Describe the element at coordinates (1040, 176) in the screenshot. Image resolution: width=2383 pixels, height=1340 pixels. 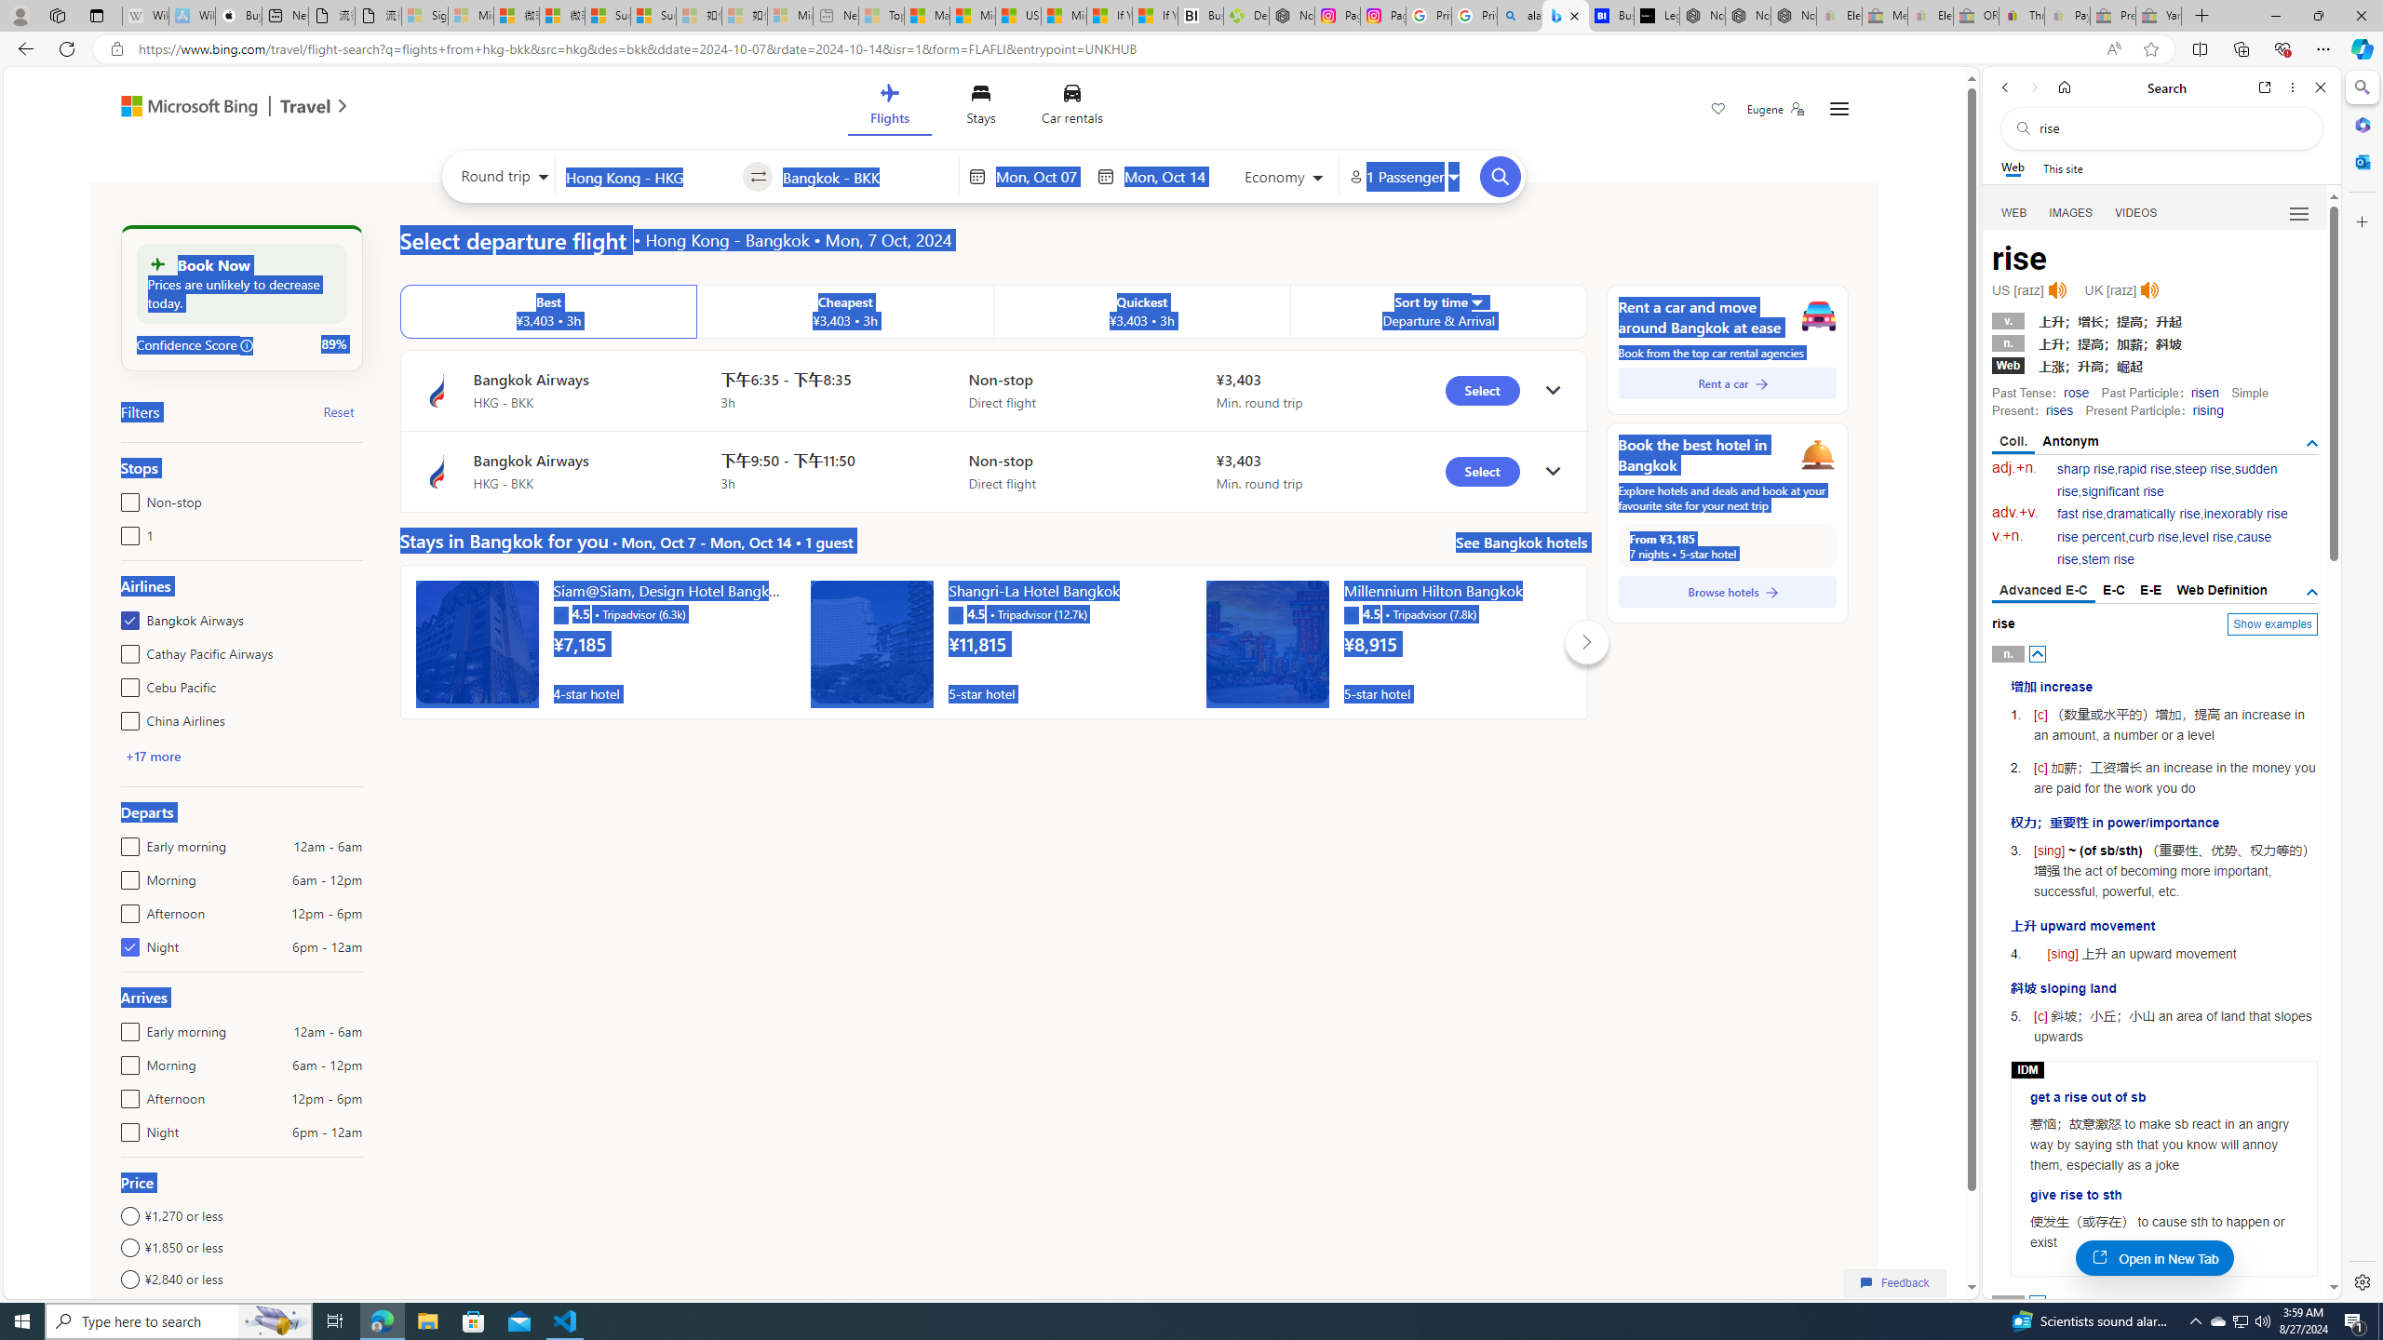
I see `'Start Date'` at that location.